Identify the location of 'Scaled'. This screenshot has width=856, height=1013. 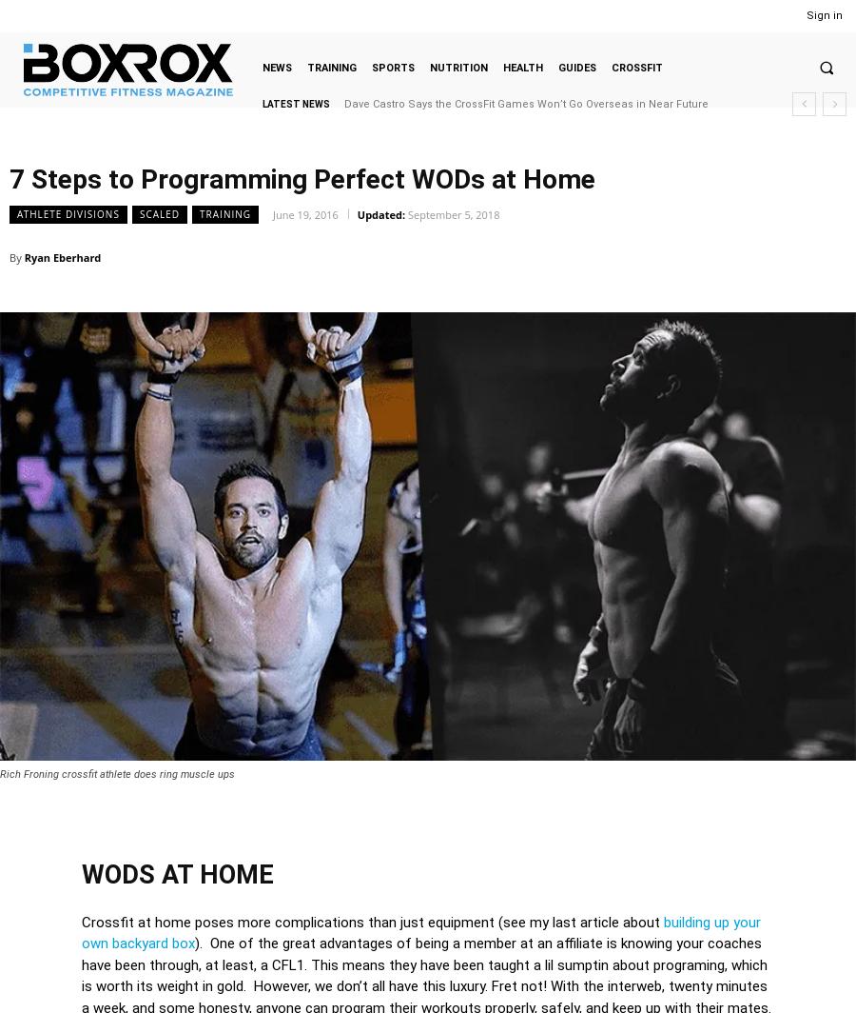
(159, 212).